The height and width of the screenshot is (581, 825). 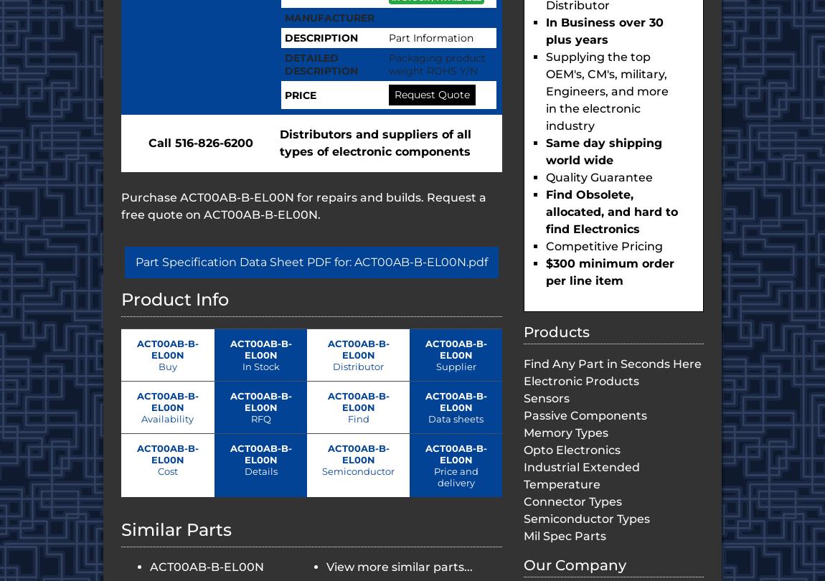 What do you see at coordinates (585, 415) in the screenshot?
I see `'Passive Components'` at bounding box center [585, 415].